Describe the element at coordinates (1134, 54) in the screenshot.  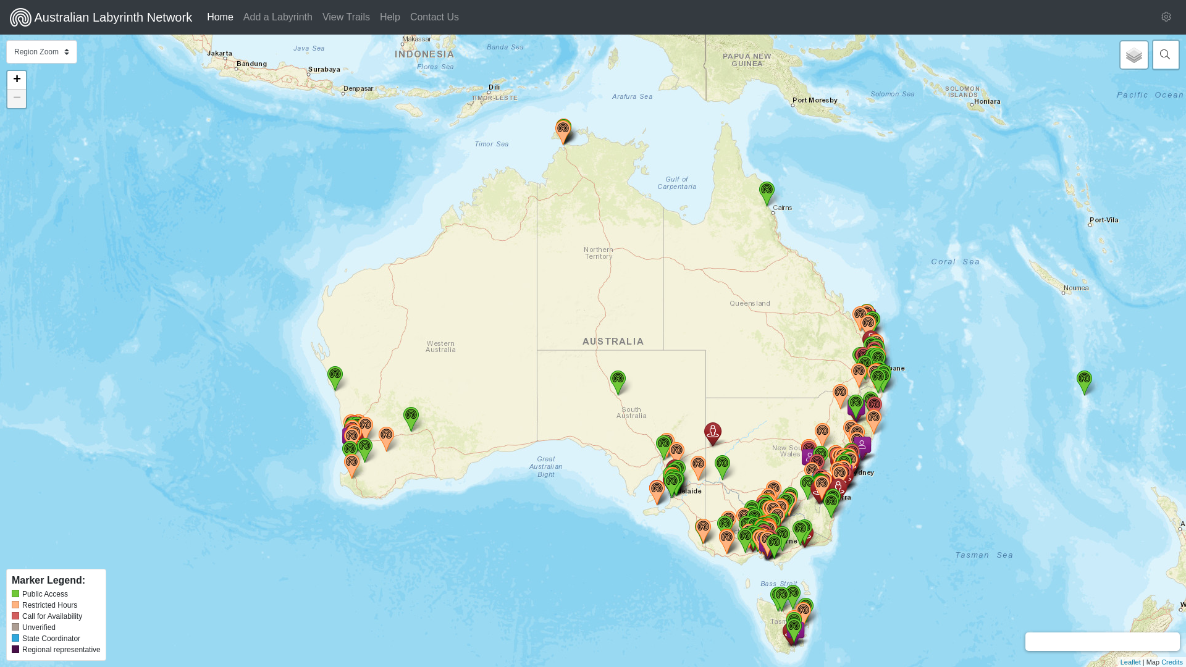
I see `'Layers'` at that location.